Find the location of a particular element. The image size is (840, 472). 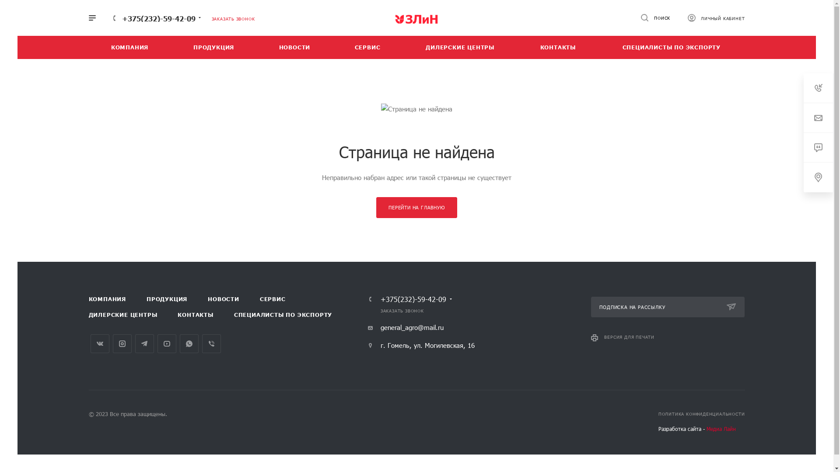

'Instagram' is located at coordinates (122, 343).